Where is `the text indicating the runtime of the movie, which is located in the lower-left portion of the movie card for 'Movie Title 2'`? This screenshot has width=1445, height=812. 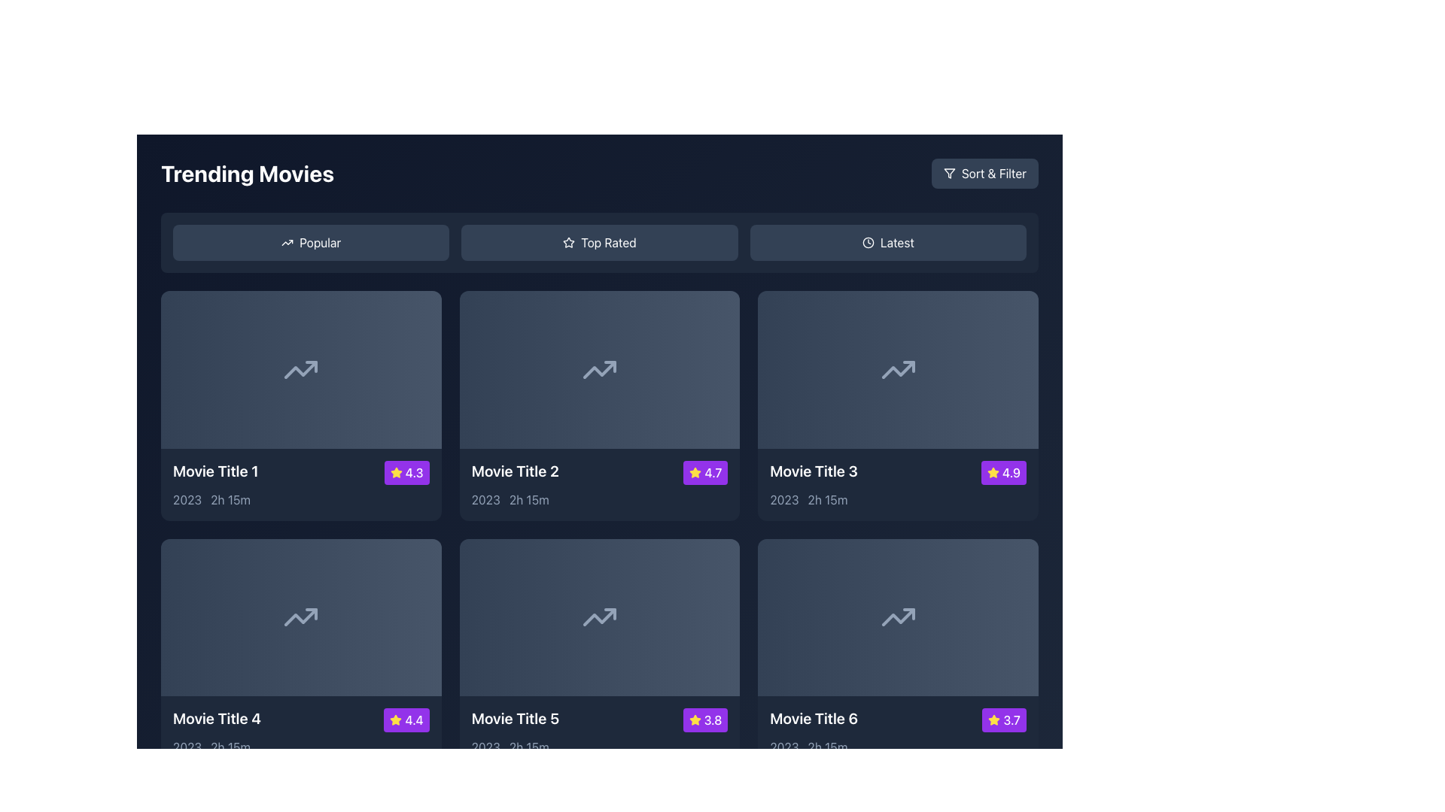
the text indicating the runtime of the movie, which is located in the lower-left portion of the movie card for 'Movie Title 2' is located at coordinates (529, 499).